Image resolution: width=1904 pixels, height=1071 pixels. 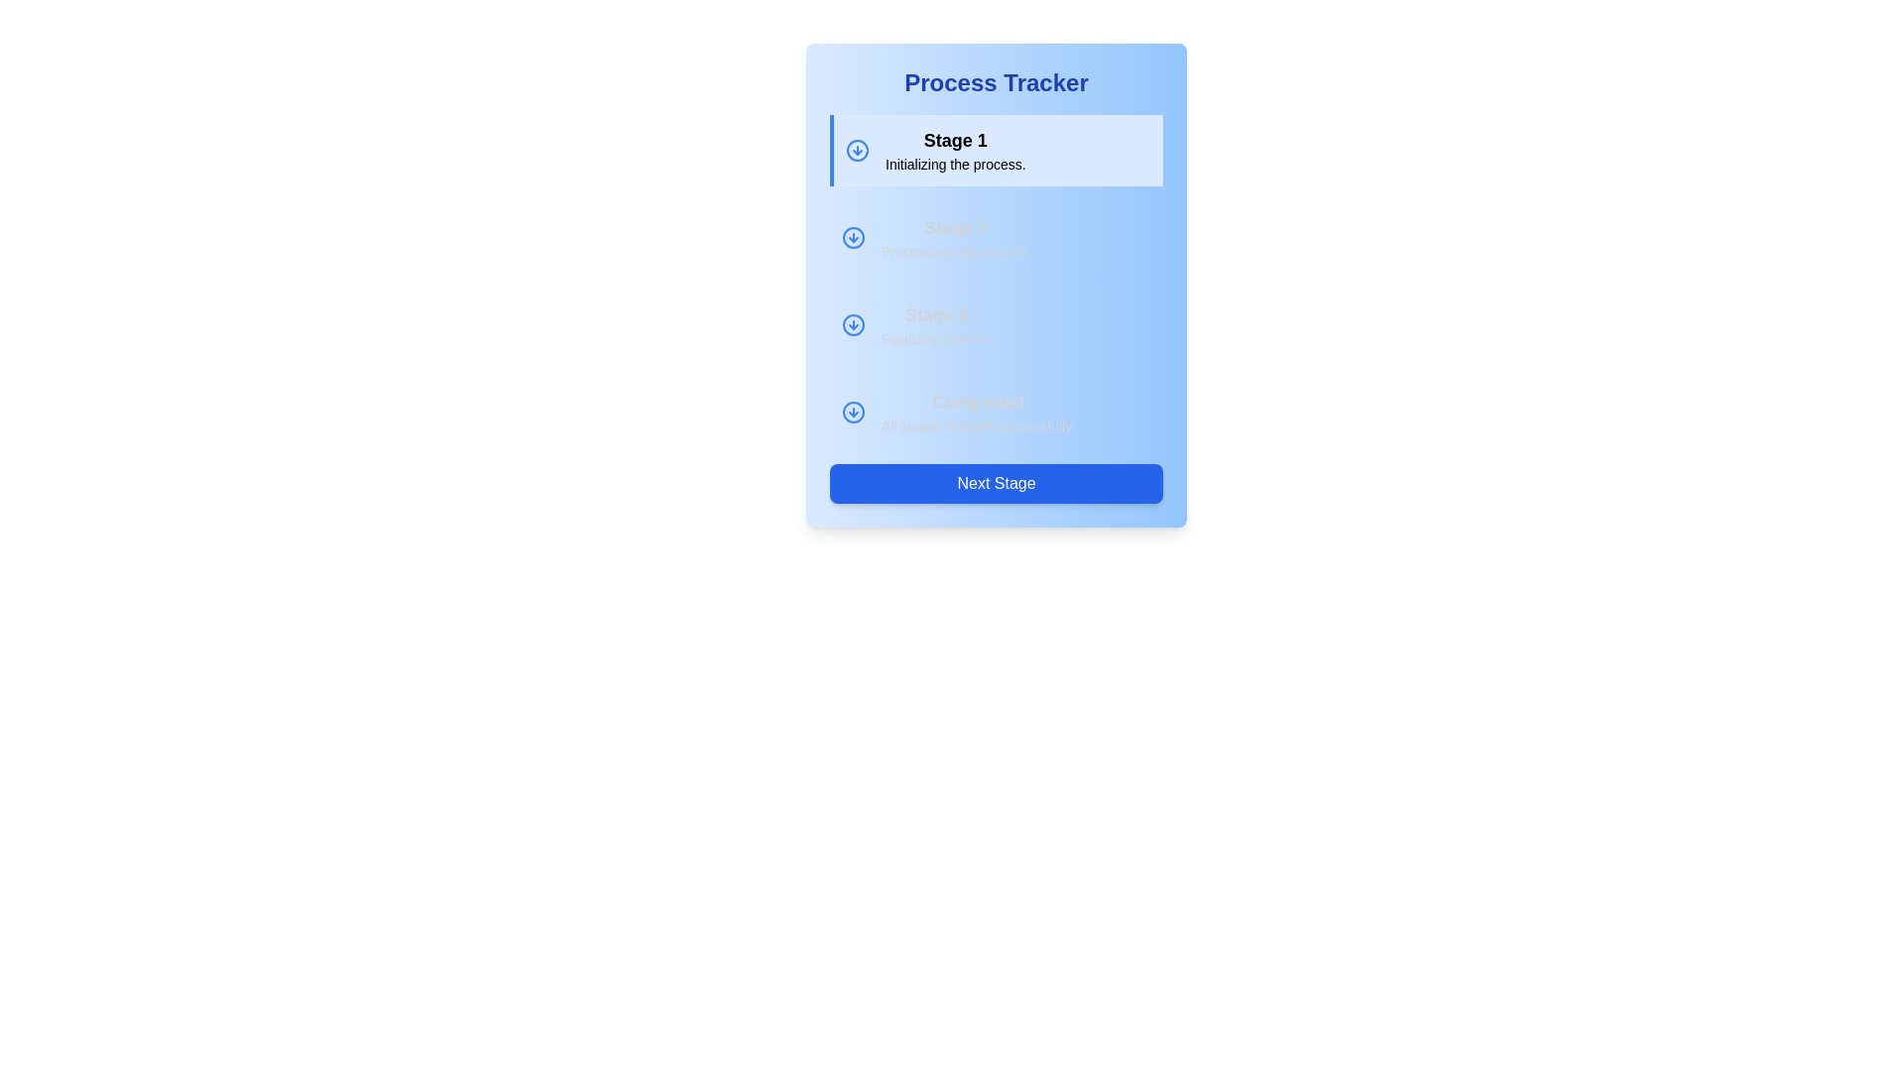 I want to click on the circular graphical control icon representing 'Stage 1', so click(x=853, y=236).